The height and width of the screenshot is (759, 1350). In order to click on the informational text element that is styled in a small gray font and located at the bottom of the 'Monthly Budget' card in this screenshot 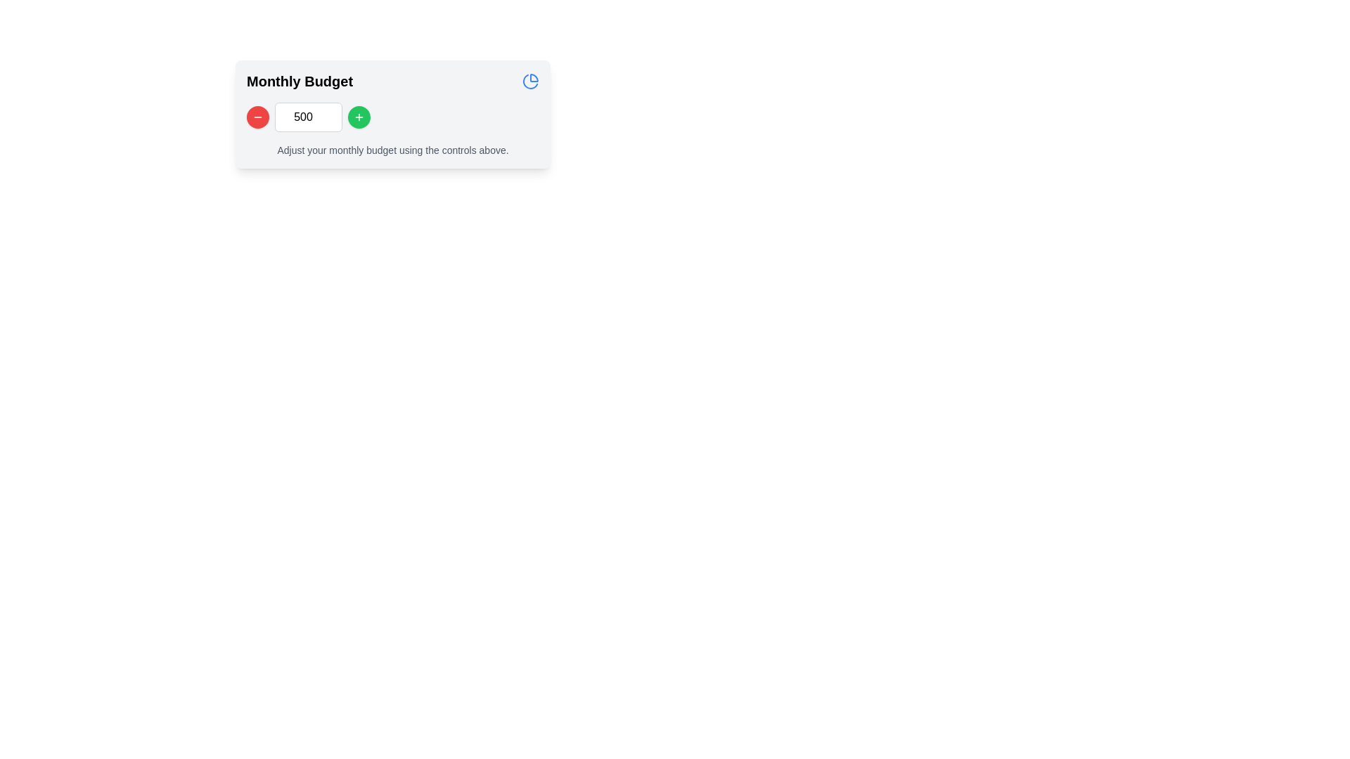, I will do `click(392, 150)`.